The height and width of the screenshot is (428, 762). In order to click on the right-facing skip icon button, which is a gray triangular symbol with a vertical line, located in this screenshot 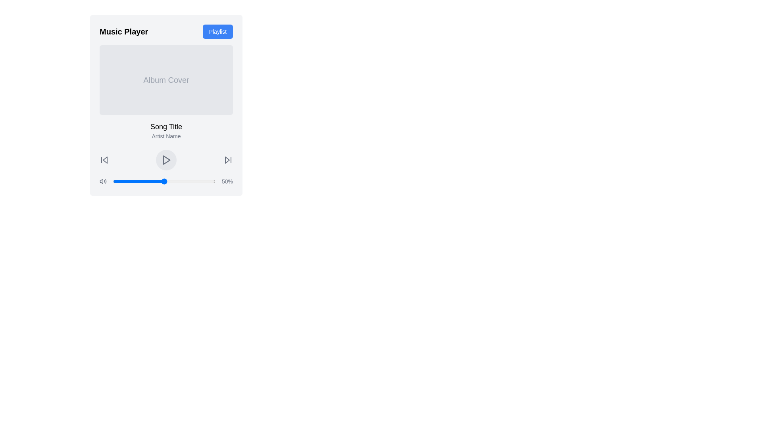, I will do `click(228, 160)`.